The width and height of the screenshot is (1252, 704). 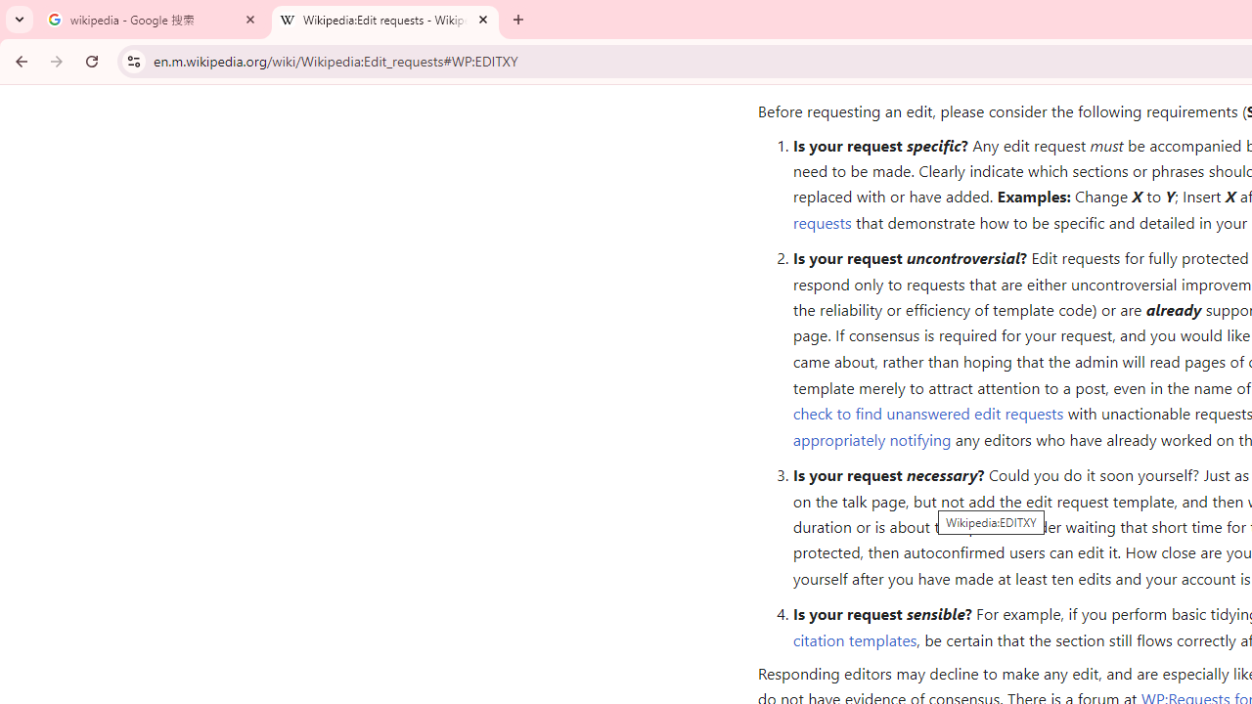 What do you see at coordinates (385, 20) in the screenshot?
I see `'Wikipedia:Edit requests - Wikipedia'` at bounding box center [385, 20].